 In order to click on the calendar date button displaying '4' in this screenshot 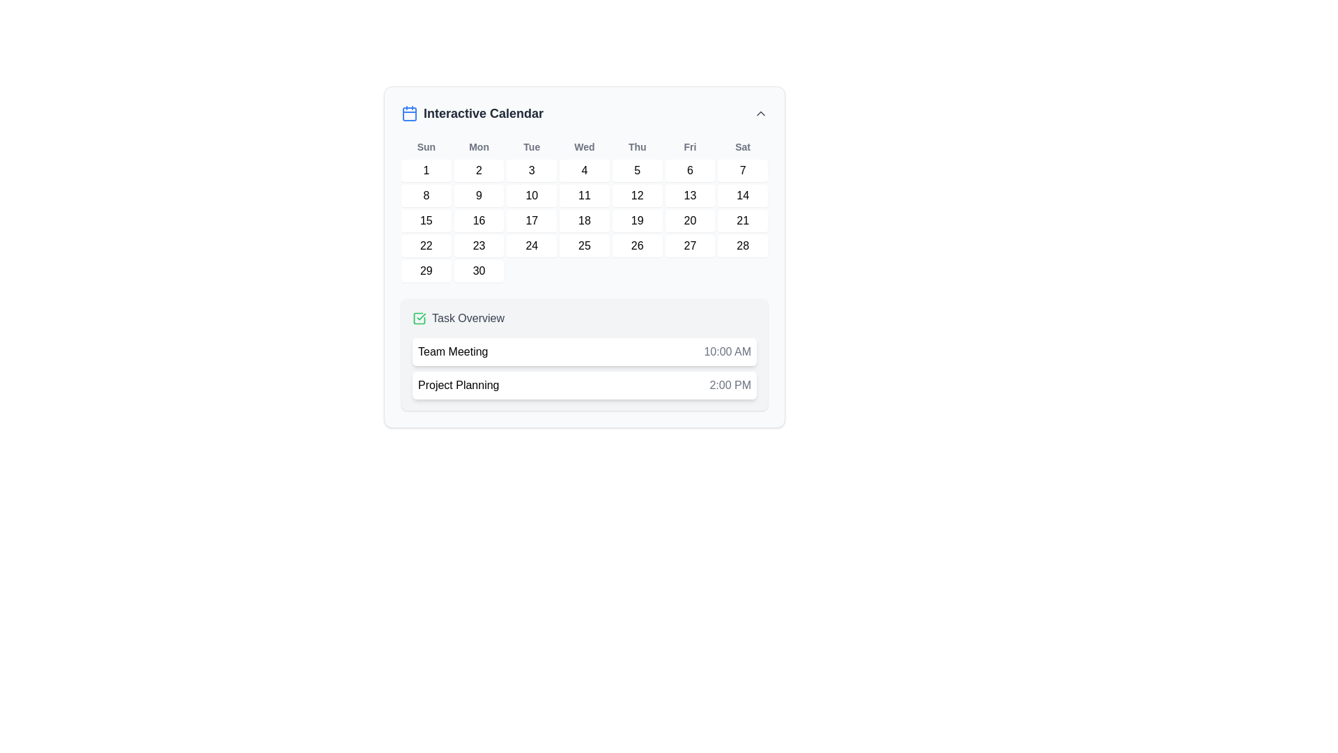, I will do `click(585, 170)`.